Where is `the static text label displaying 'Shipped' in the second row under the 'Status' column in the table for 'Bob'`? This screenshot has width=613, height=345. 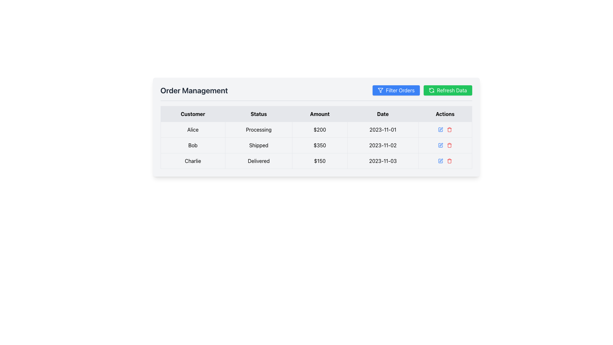
the static text label displaying 'Shipped' in the second row under the 'Status' column in the table for 'Bob' is located at coordinates (259, 145).